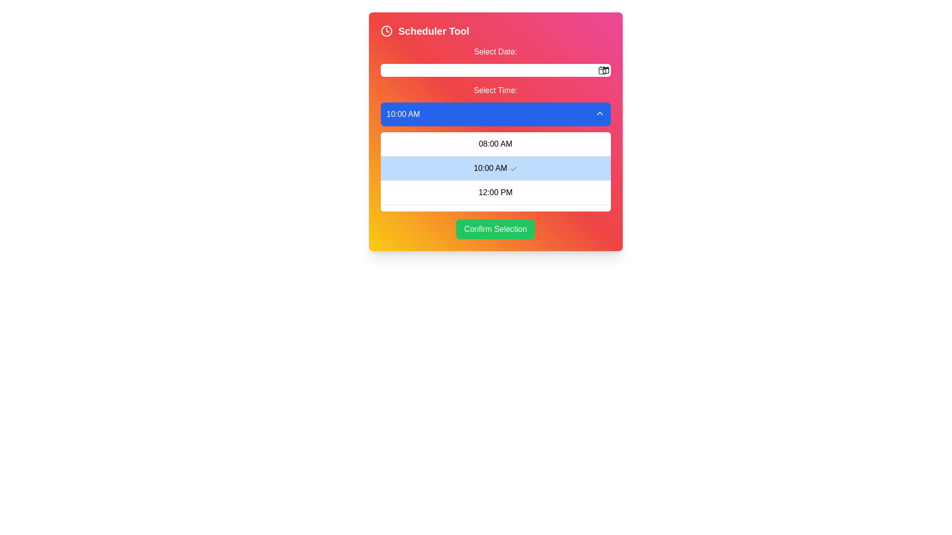 The width and height of the screenshot is (952, 535). Describe the element at coordinates (513, 168) in the screenshot. I see `the green checkmark icon indicating confirmation for the time slot '10:00 AM', which is located towards the right end of the row containing '10:00 AM'` at that location.